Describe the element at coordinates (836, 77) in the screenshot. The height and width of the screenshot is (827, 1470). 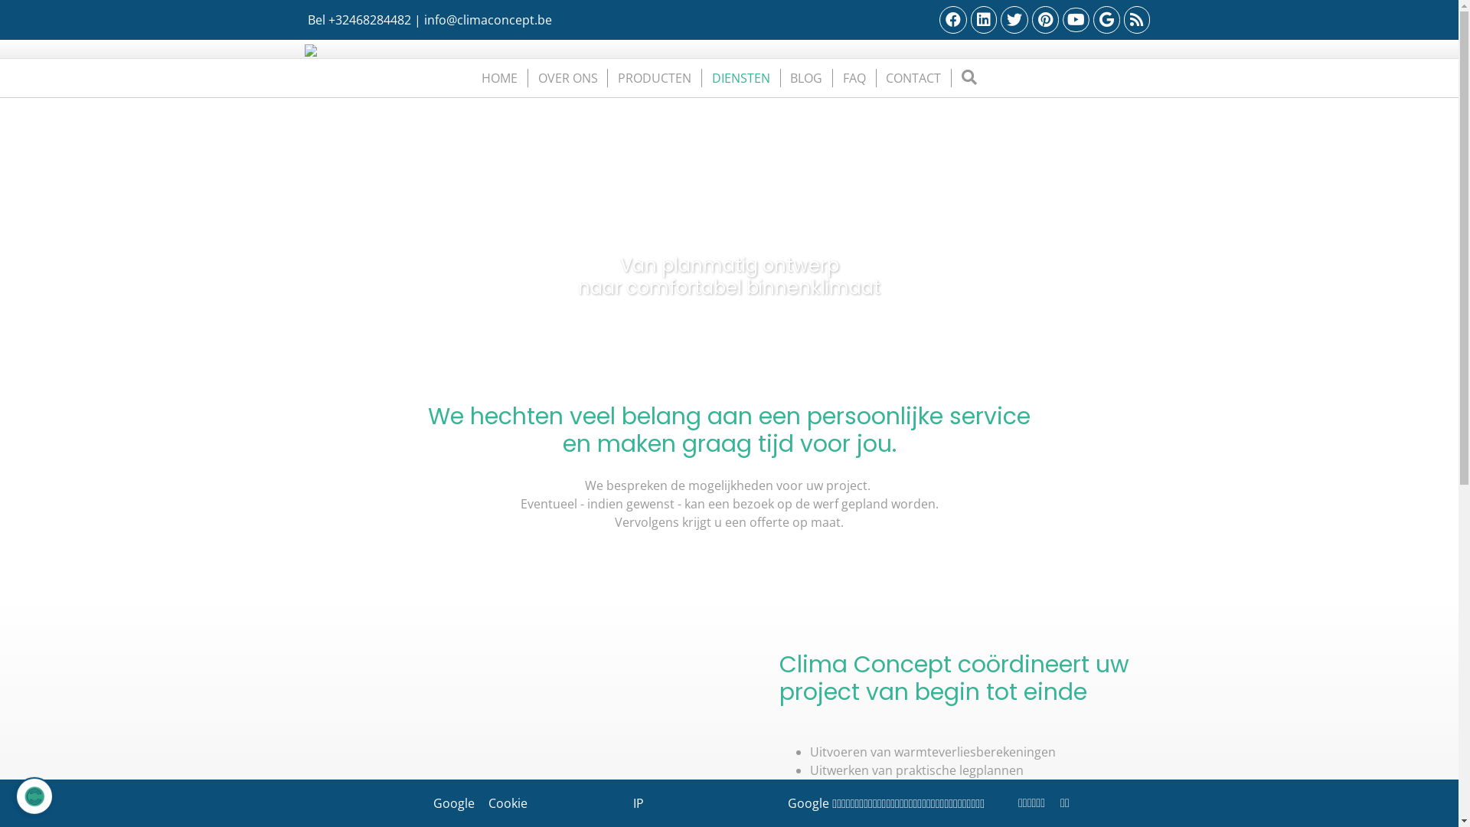
I see `'FAQ'` at that location.